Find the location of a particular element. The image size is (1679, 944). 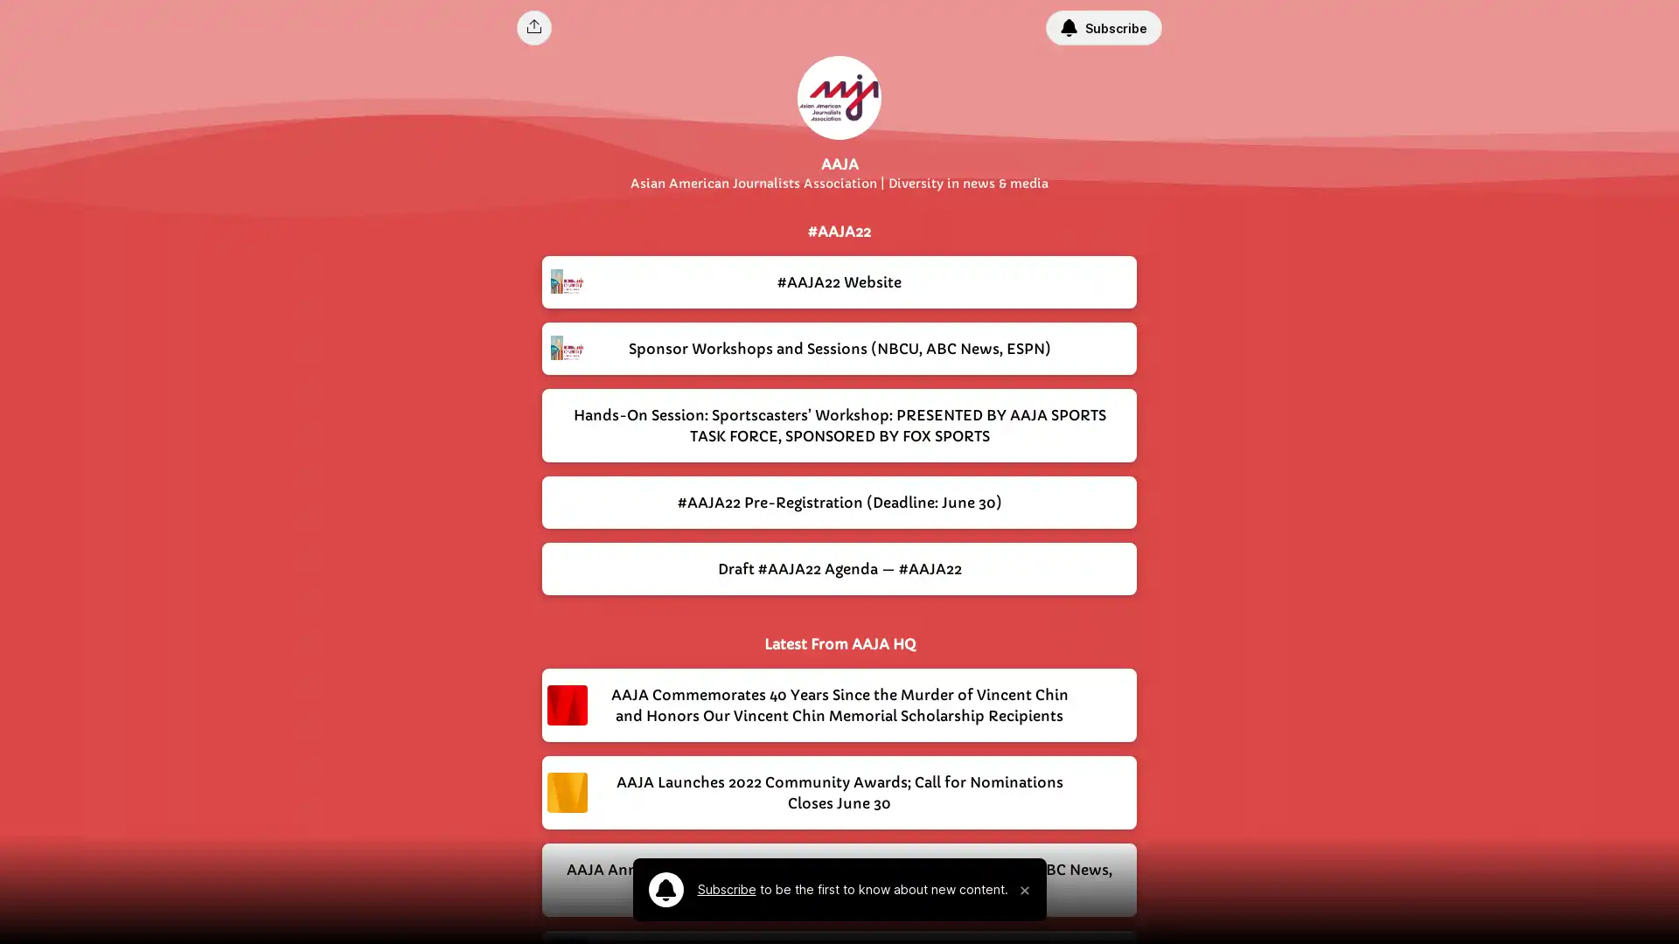

Subscribe to be the first to know about new content. is located at coordinates (826, 890).